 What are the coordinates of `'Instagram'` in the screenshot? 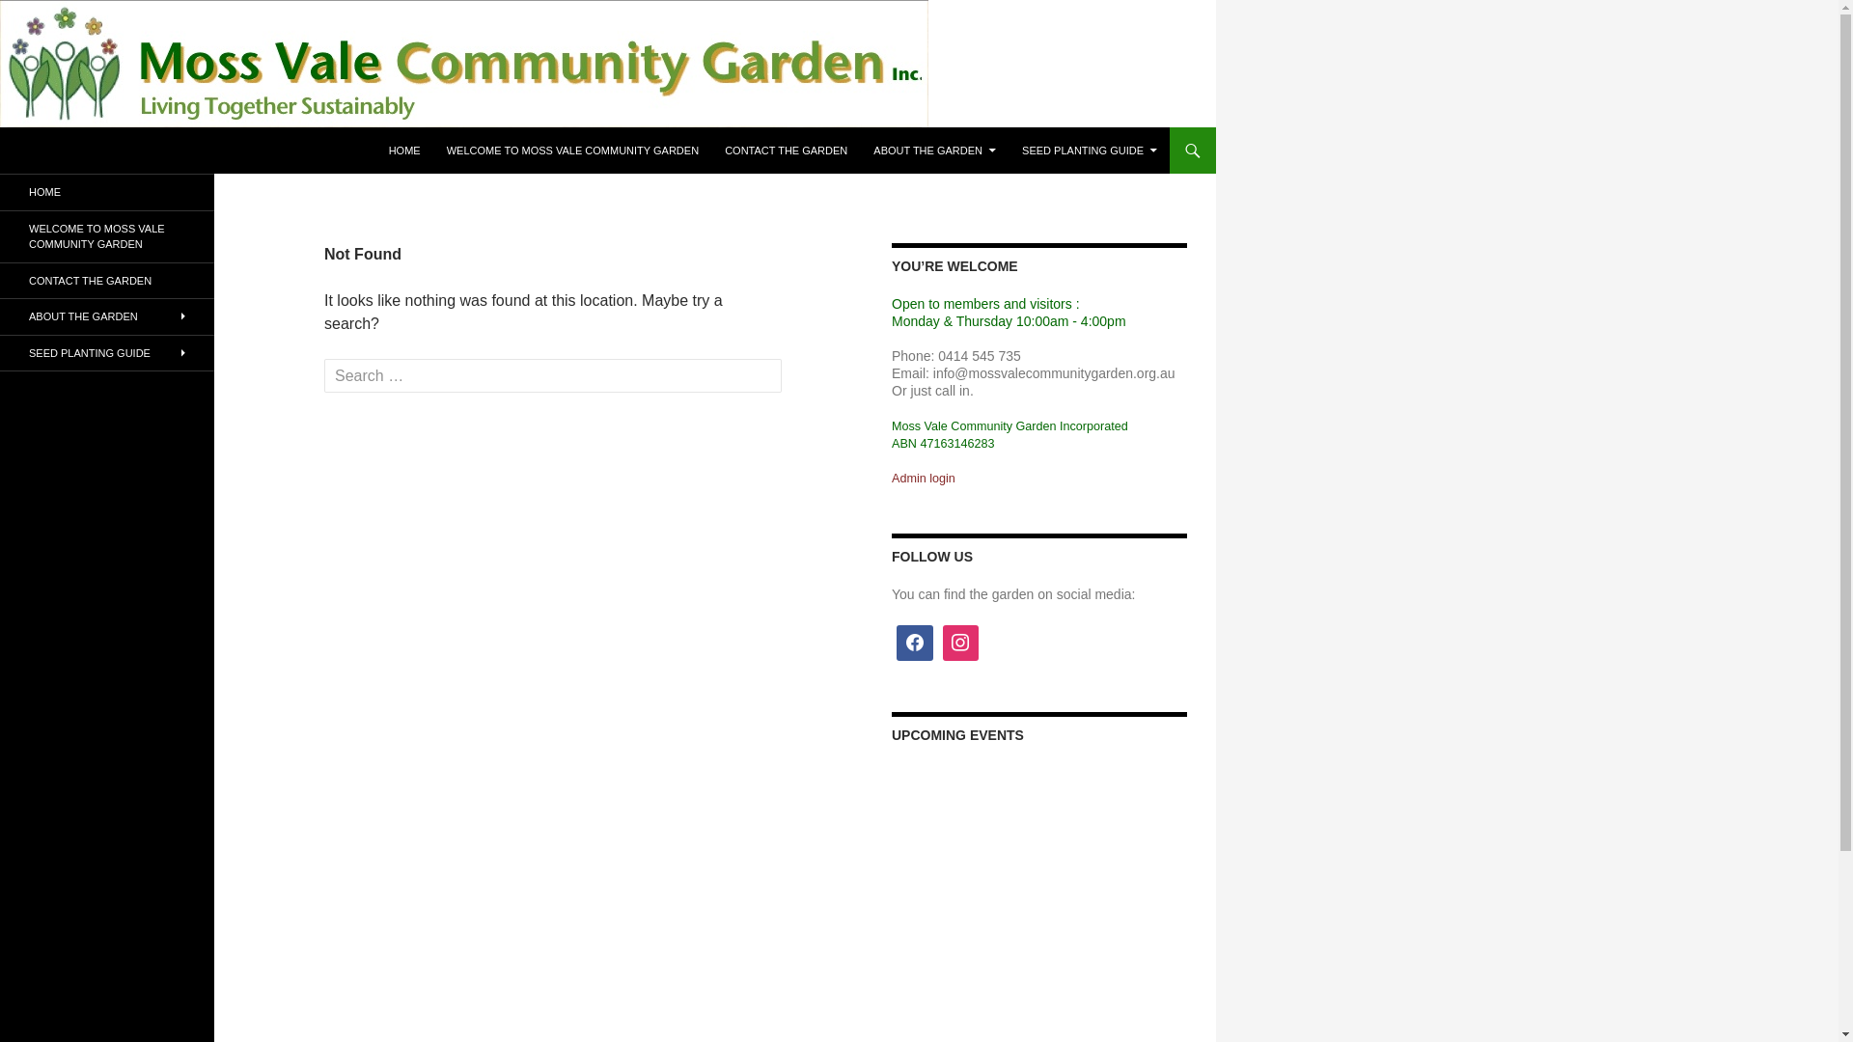 It's located at (961, 644).